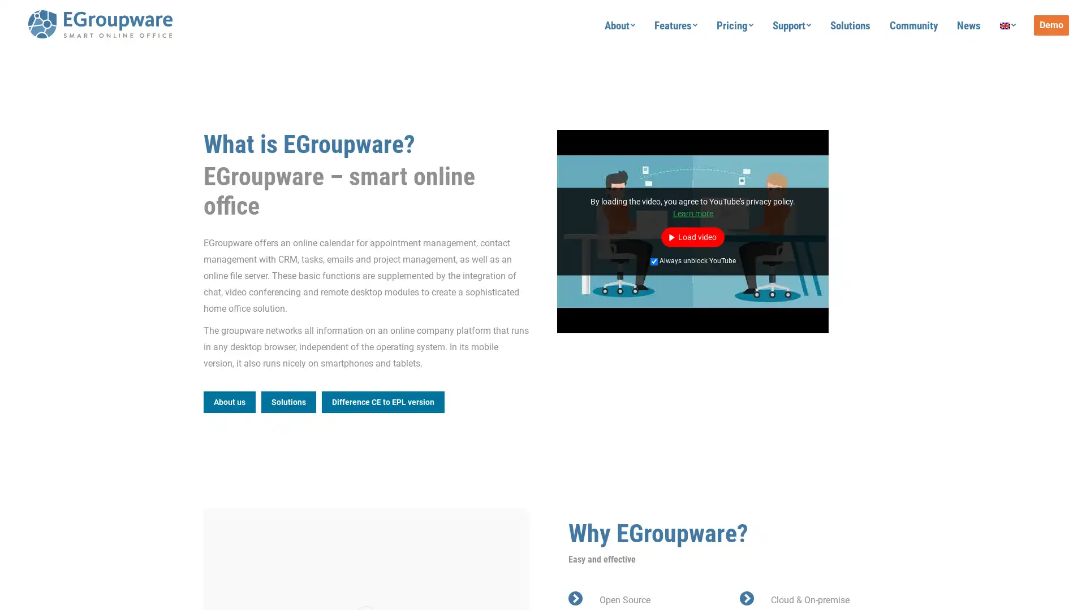 This screenshot has width=1086, height=610. What do you see at coordinates (692, 236) in the screenshot?
I see `Load video` at bounding box center [692, 236].